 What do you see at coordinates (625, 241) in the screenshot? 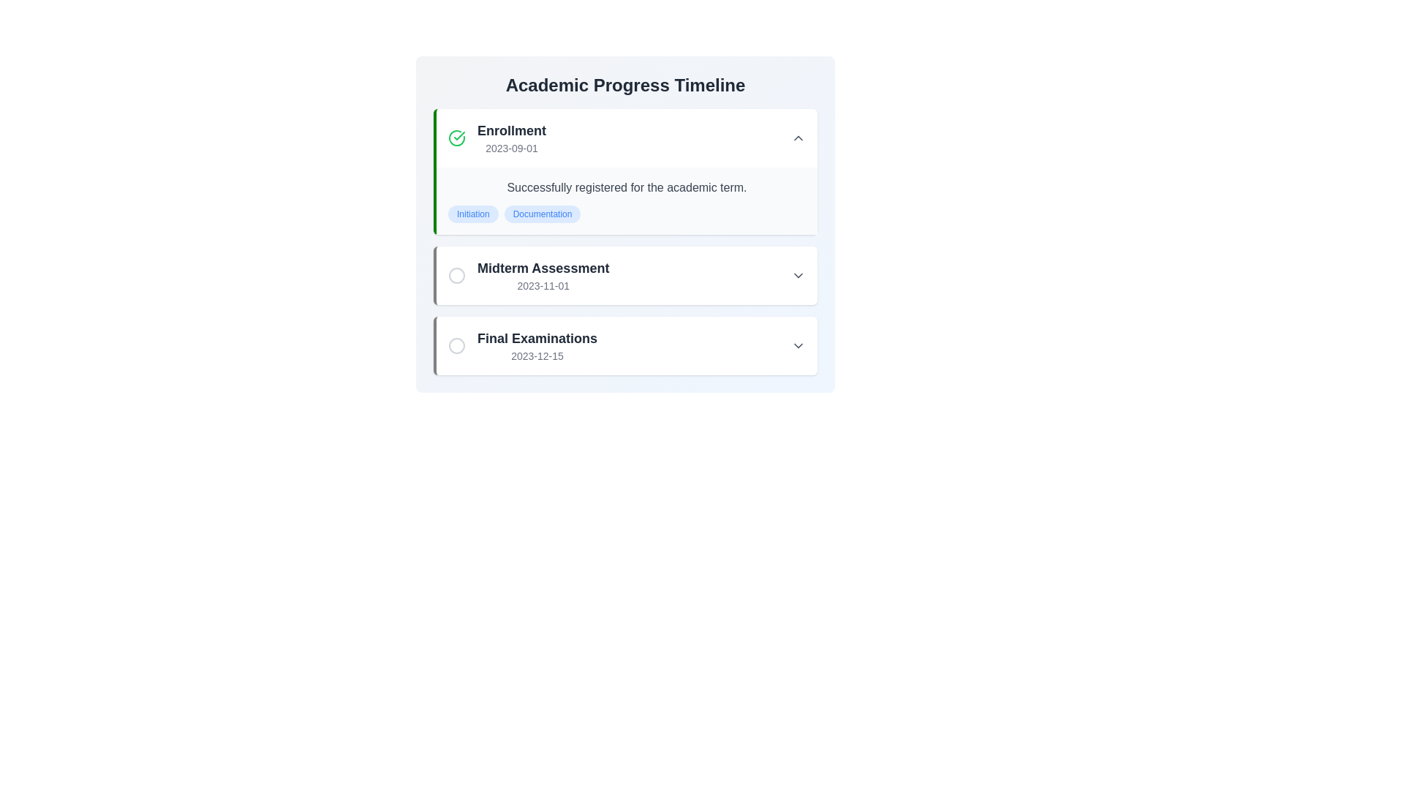
I see `the 'Enrollment' section of the Timeline component` at bounding box center [625, 241].